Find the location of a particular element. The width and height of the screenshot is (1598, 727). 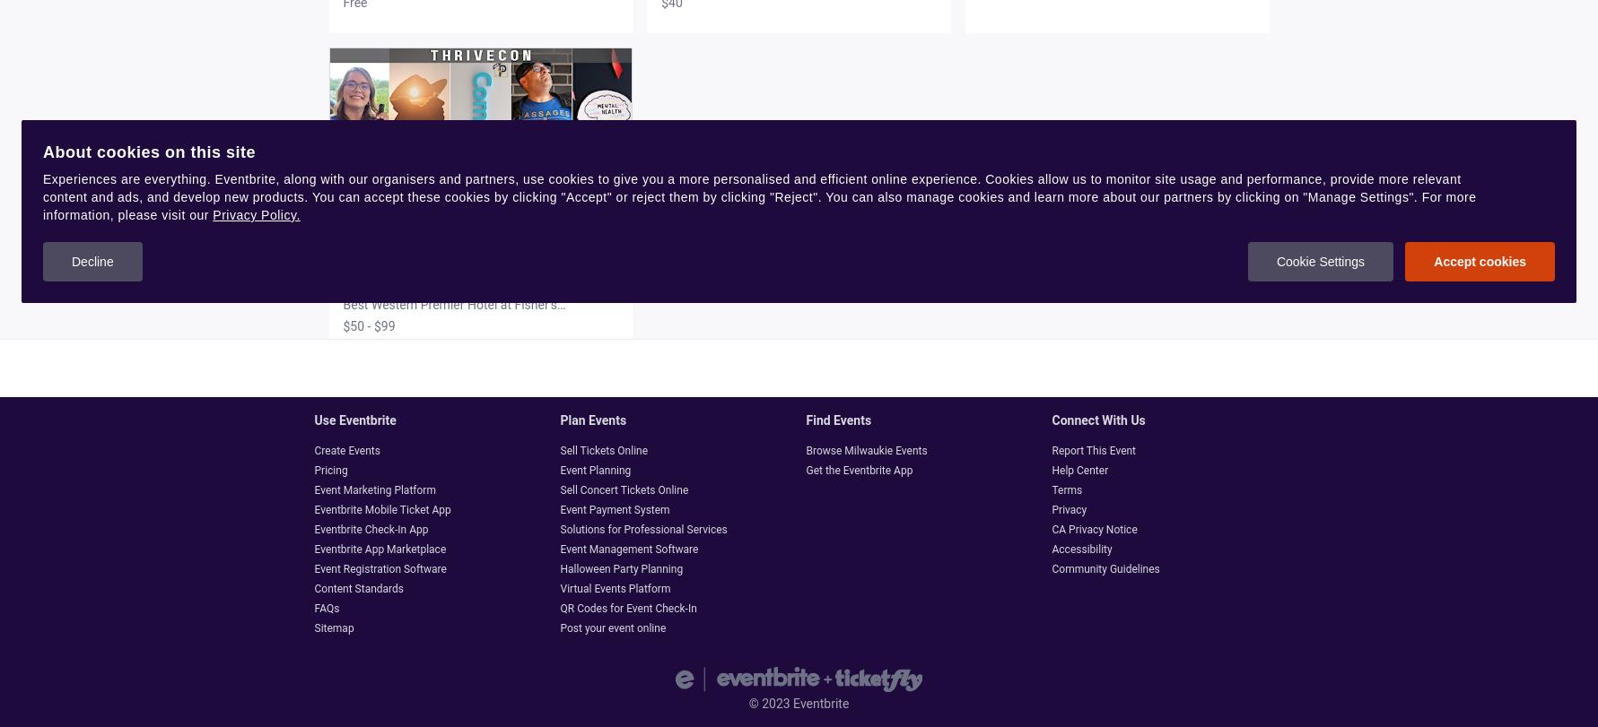

'Eventbrite Mobile Ticket App' is located at coordinates (313, 508).